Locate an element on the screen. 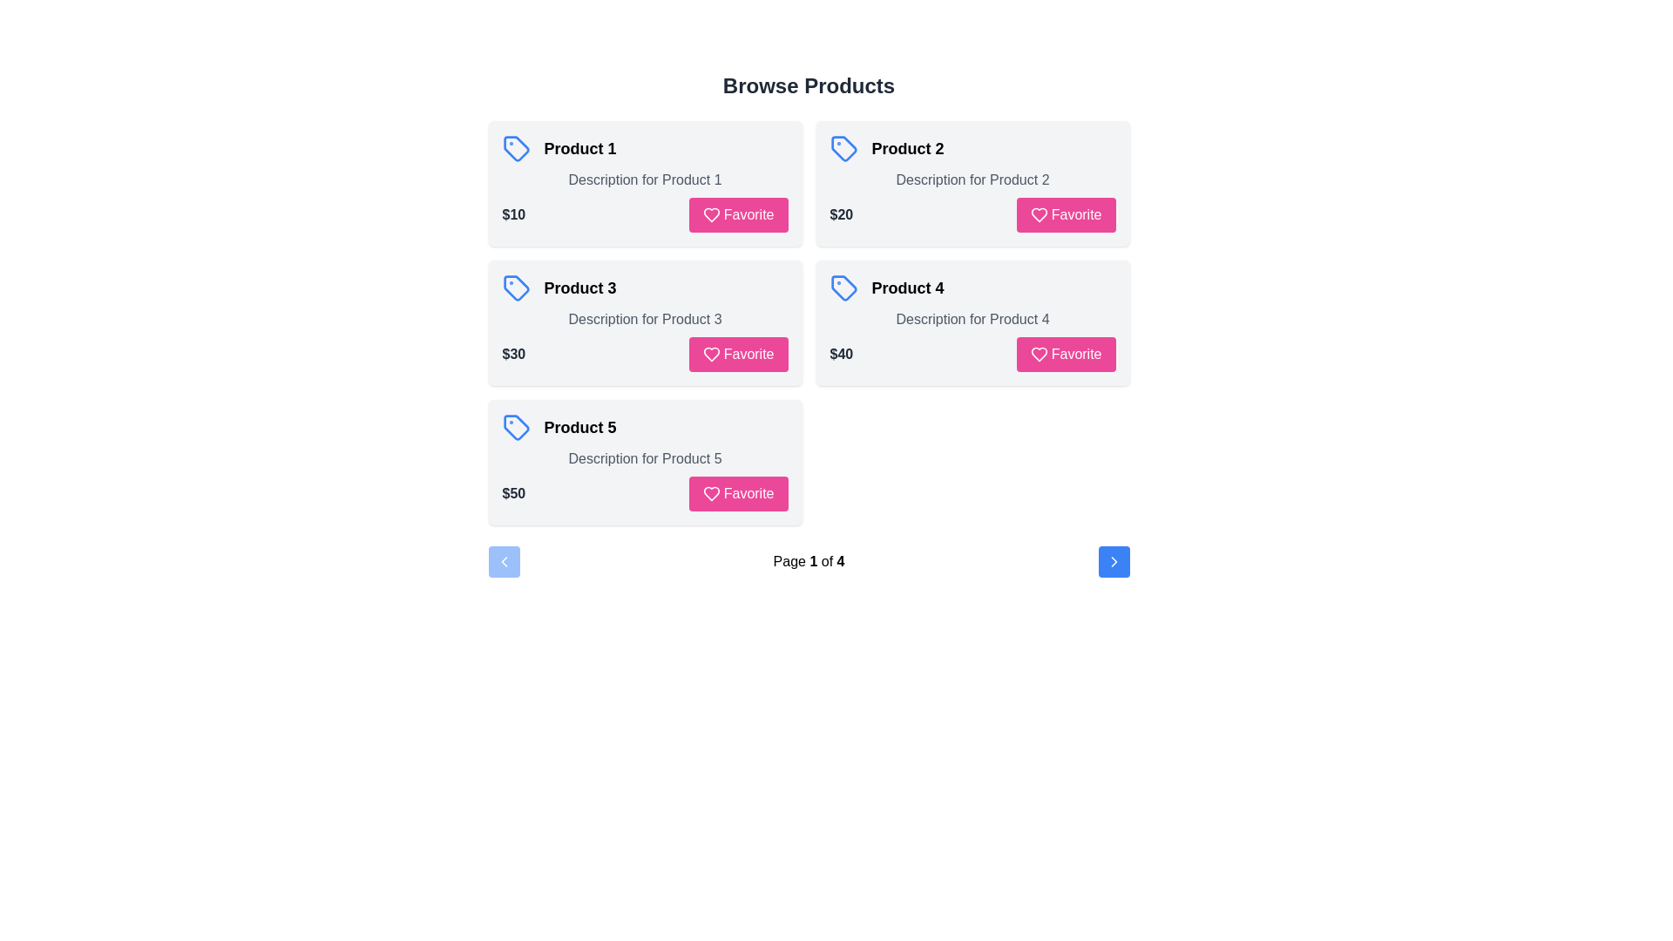  the 'Favorite' button within the 'Product 3' card to provide visual feedback is located at coordinates (644, 354).